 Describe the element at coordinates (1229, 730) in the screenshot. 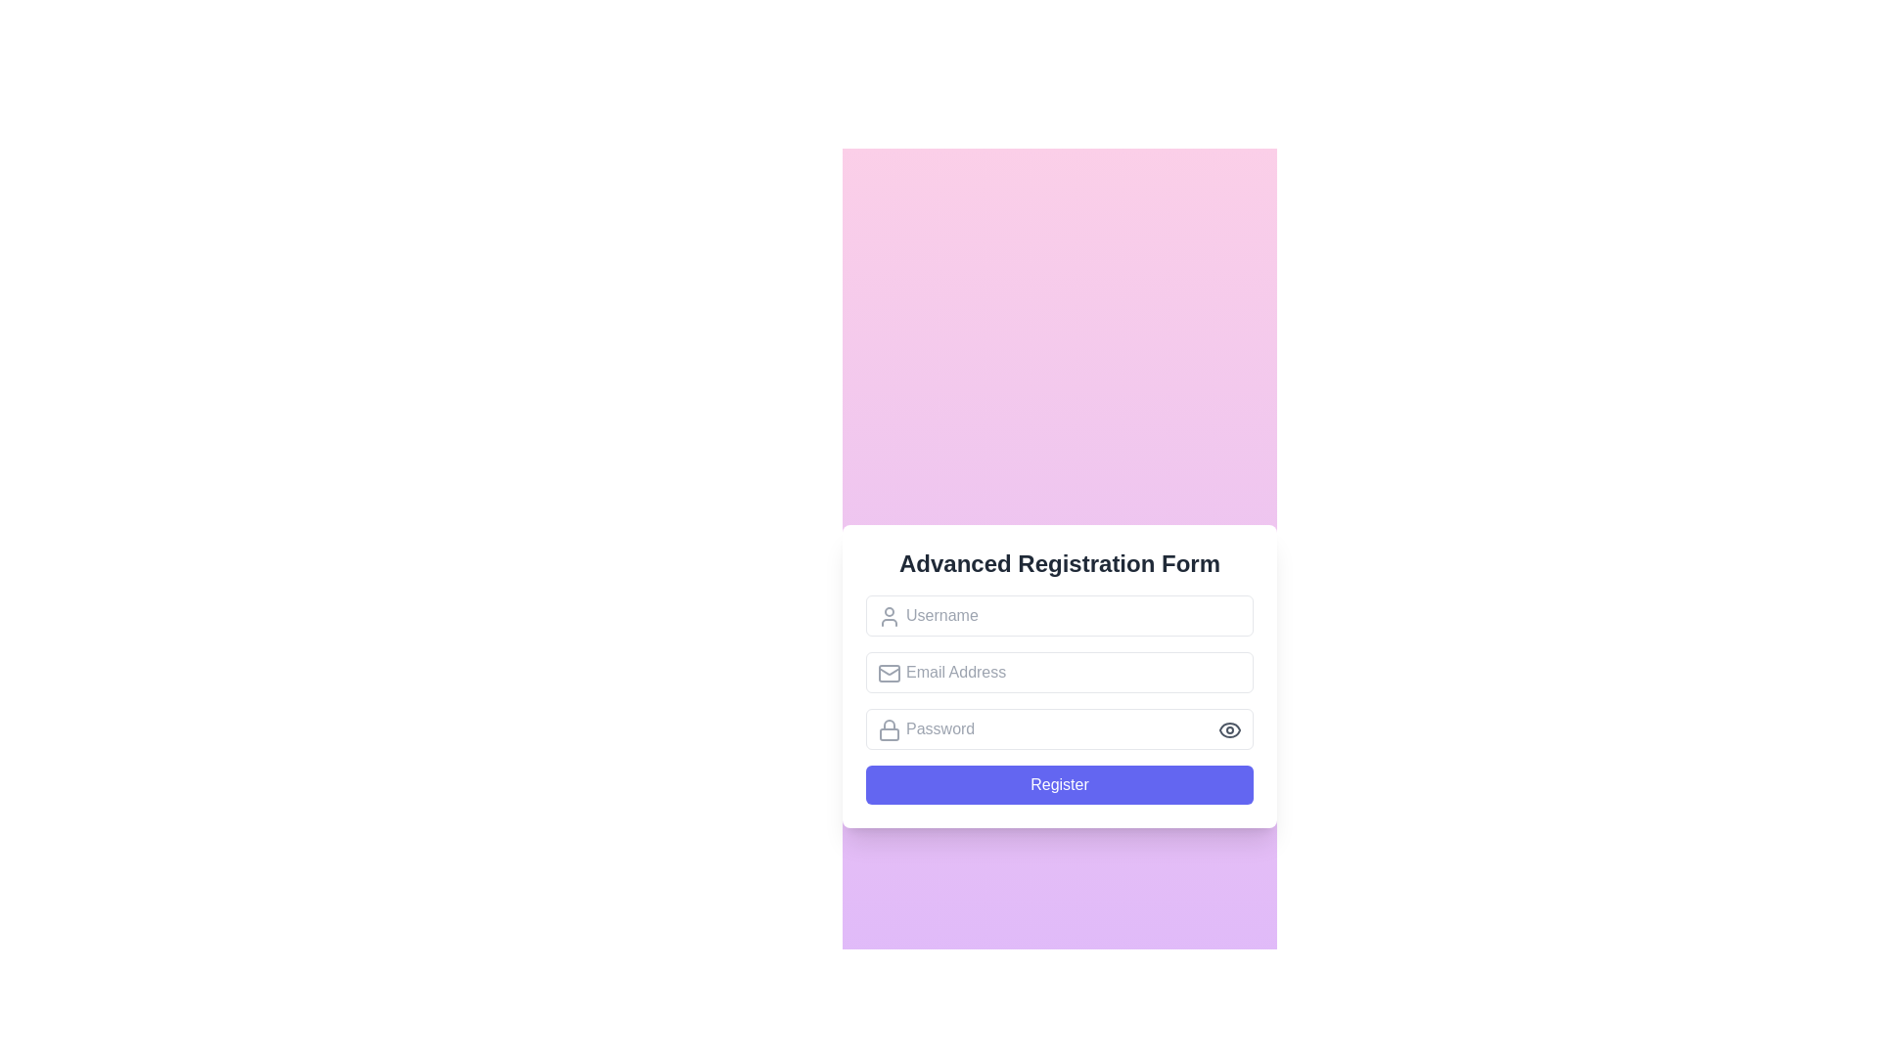

I see `the eye-shaped visibility control button, which is grey in color and located to the right of the password input field` at that location.